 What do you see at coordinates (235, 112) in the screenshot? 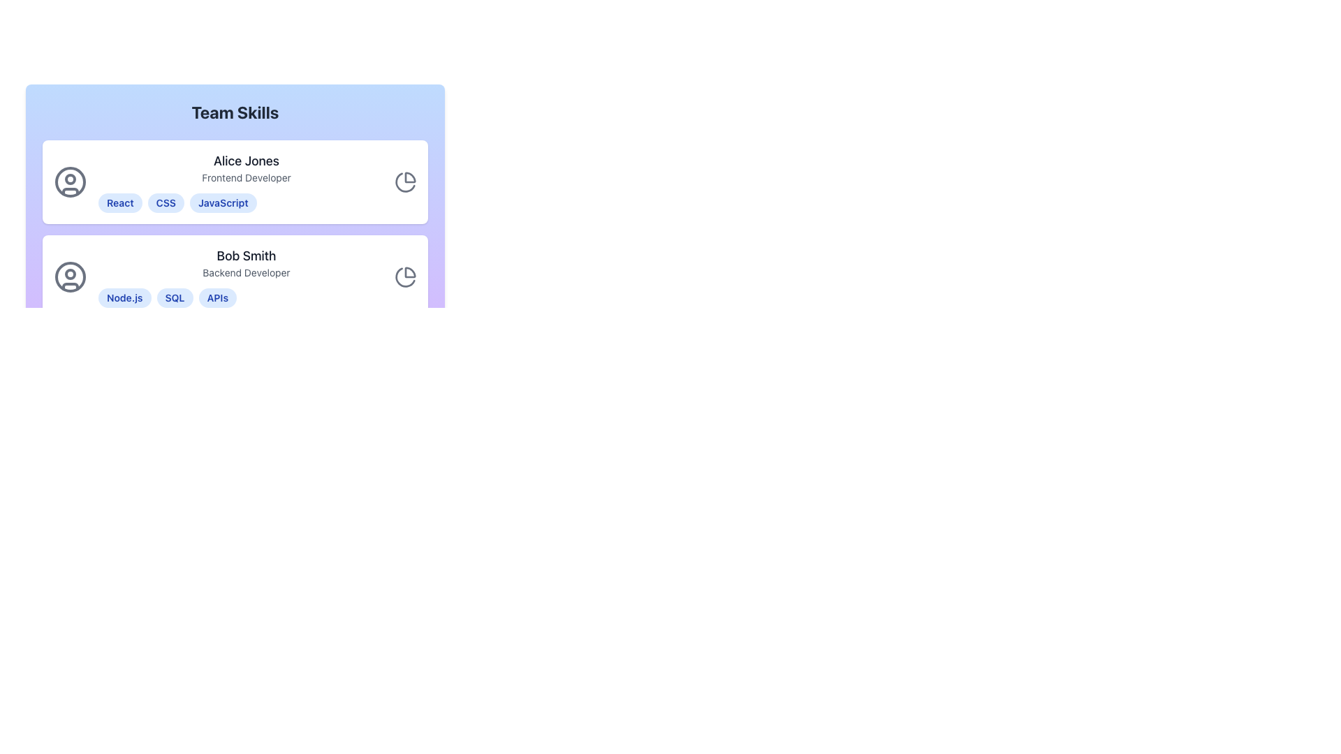
I see `the descriptive header text indicating the topic of the section related to team skills, which is centrally aligned at the top within a gradient-colored rounded box` at bounding box center [235, 112].